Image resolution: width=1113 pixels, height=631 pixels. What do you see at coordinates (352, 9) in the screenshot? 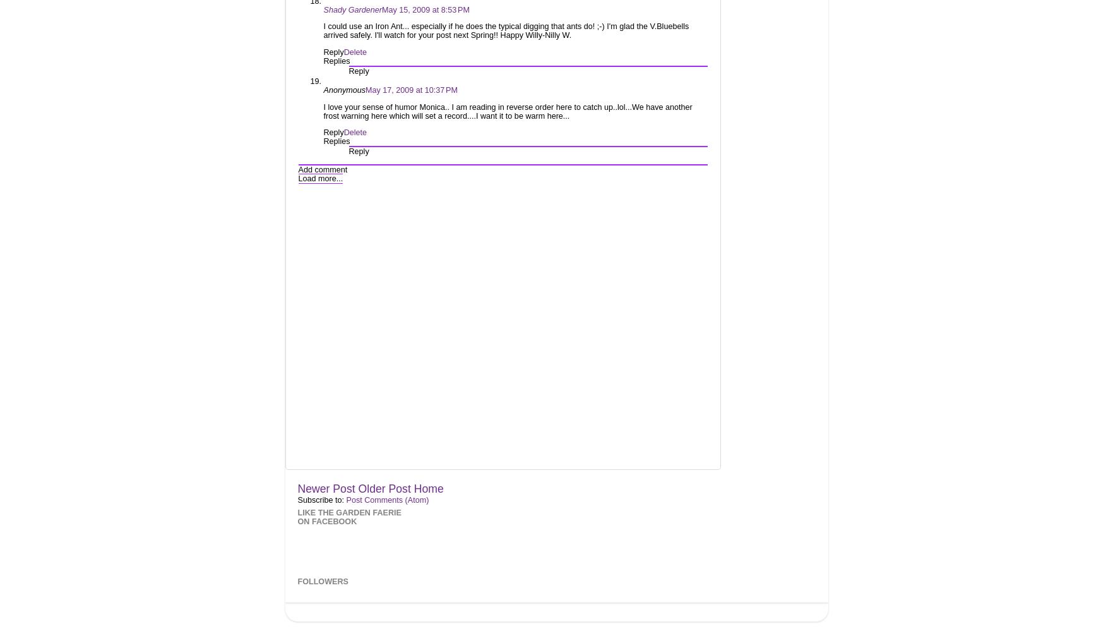
I see `'Shady Gardener'` at bounding box center [352, 9].